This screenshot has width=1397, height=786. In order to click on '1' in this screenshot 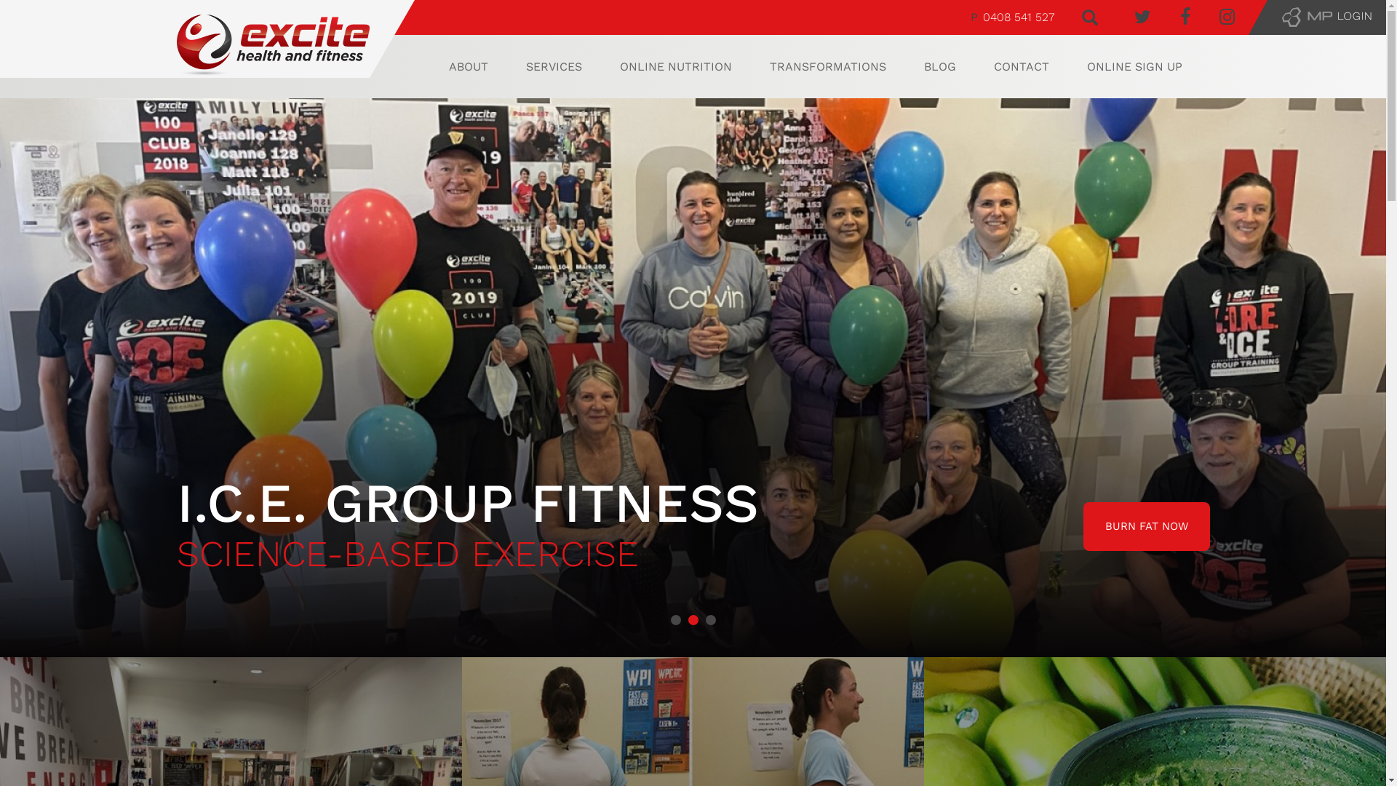, I will do `click(669, 620)`.